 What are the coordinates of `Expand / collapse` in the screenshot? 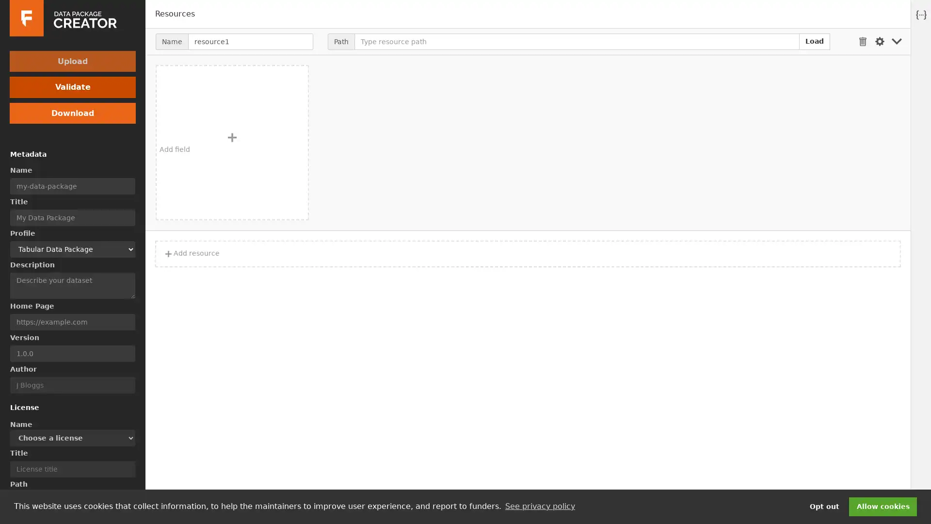 It's located at (896, 41).